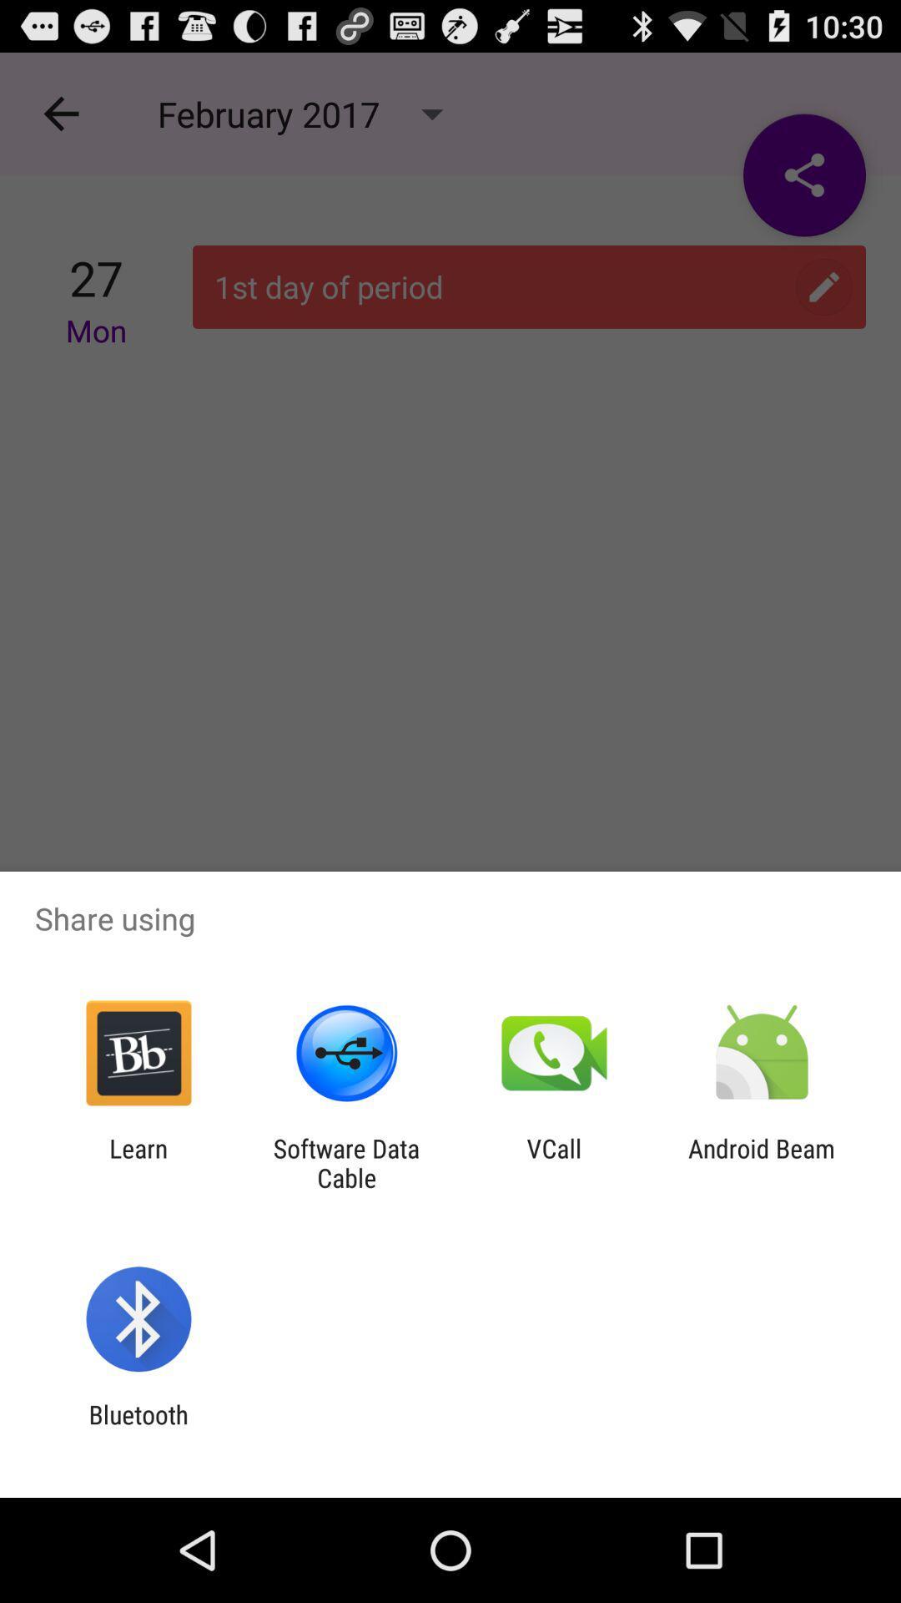 The image size is (901, 1603). Describe the element at coordinates (762, 1162) in the screenshot. I see `icon to the right of vcall icon` at that location.